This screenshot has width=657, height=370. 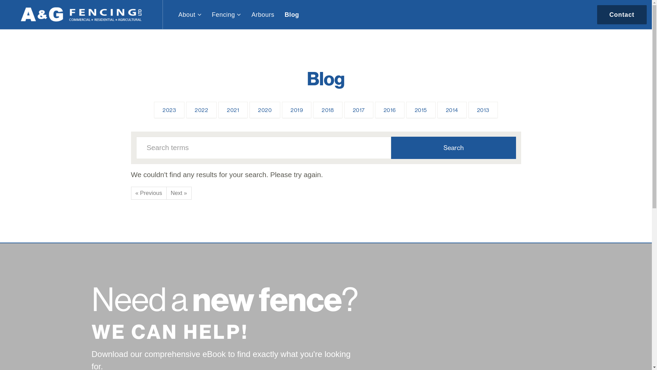 What do you see at coordinates (206, 14) in the screenshot?
I see `'Fencing'` at bounding box center [206, 14].